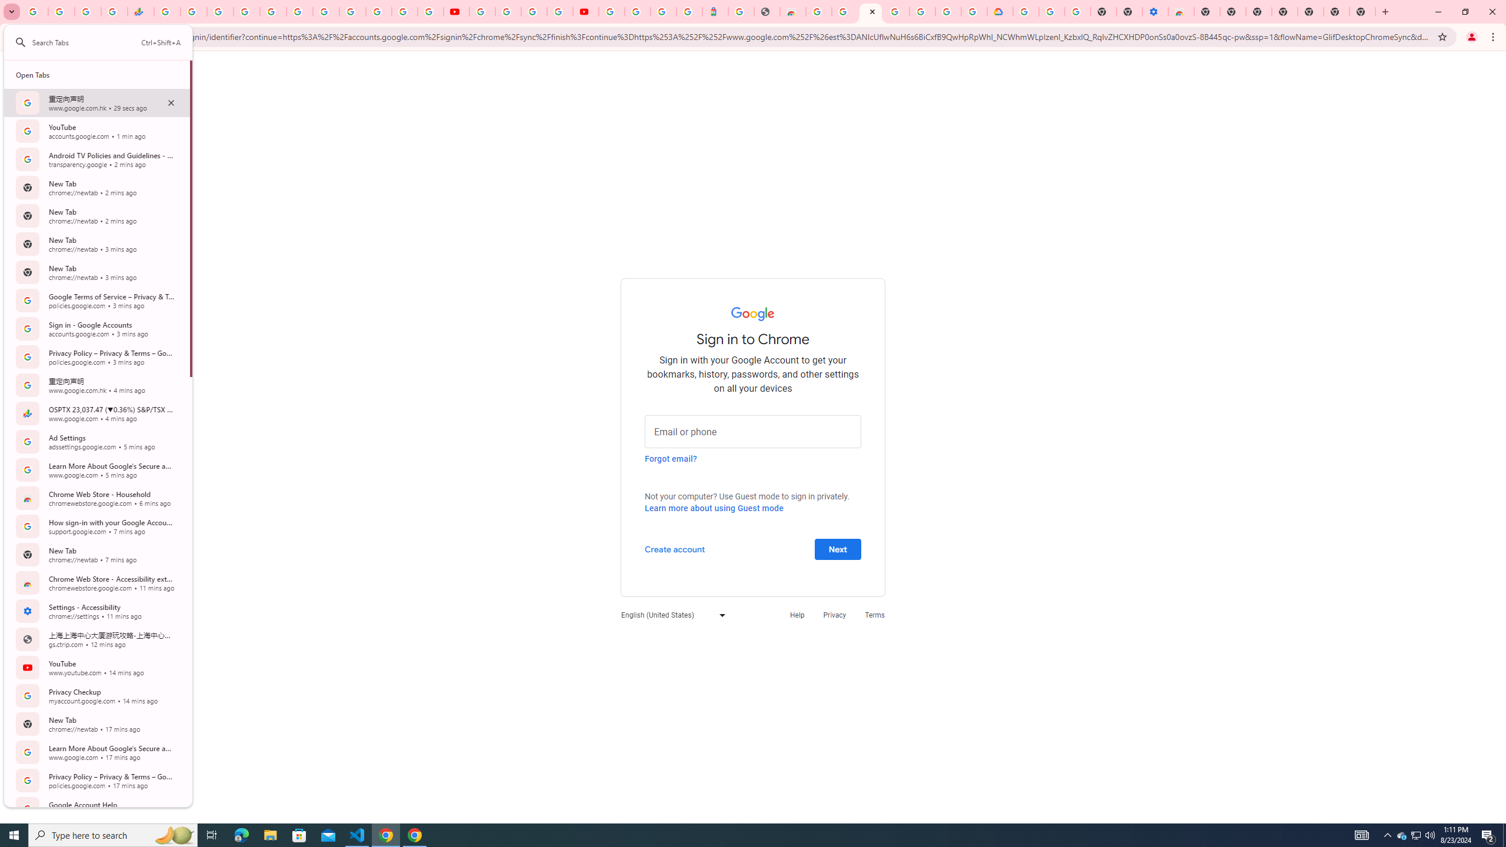  What do you see at coordinates (753, 430) in the screenshot?
I see `'Email or phone'` at bounding box center [753, 430].